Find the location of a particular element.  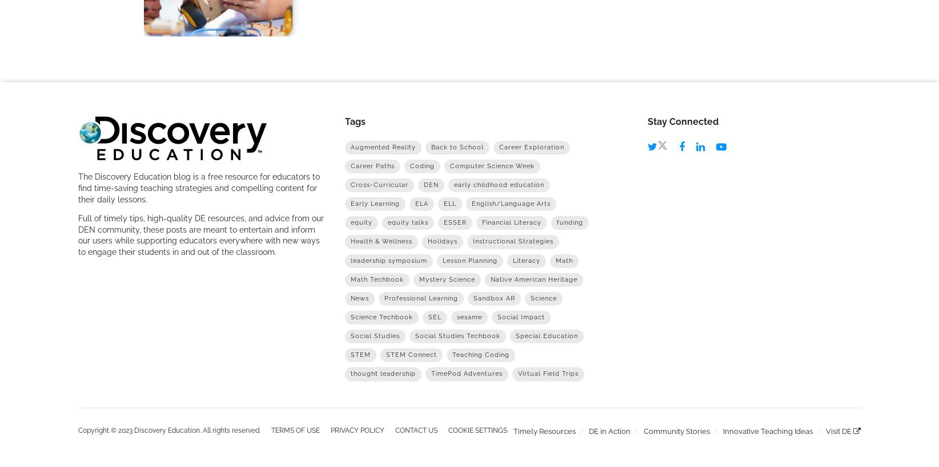

'Coding' is located at coordinates (409, 165).